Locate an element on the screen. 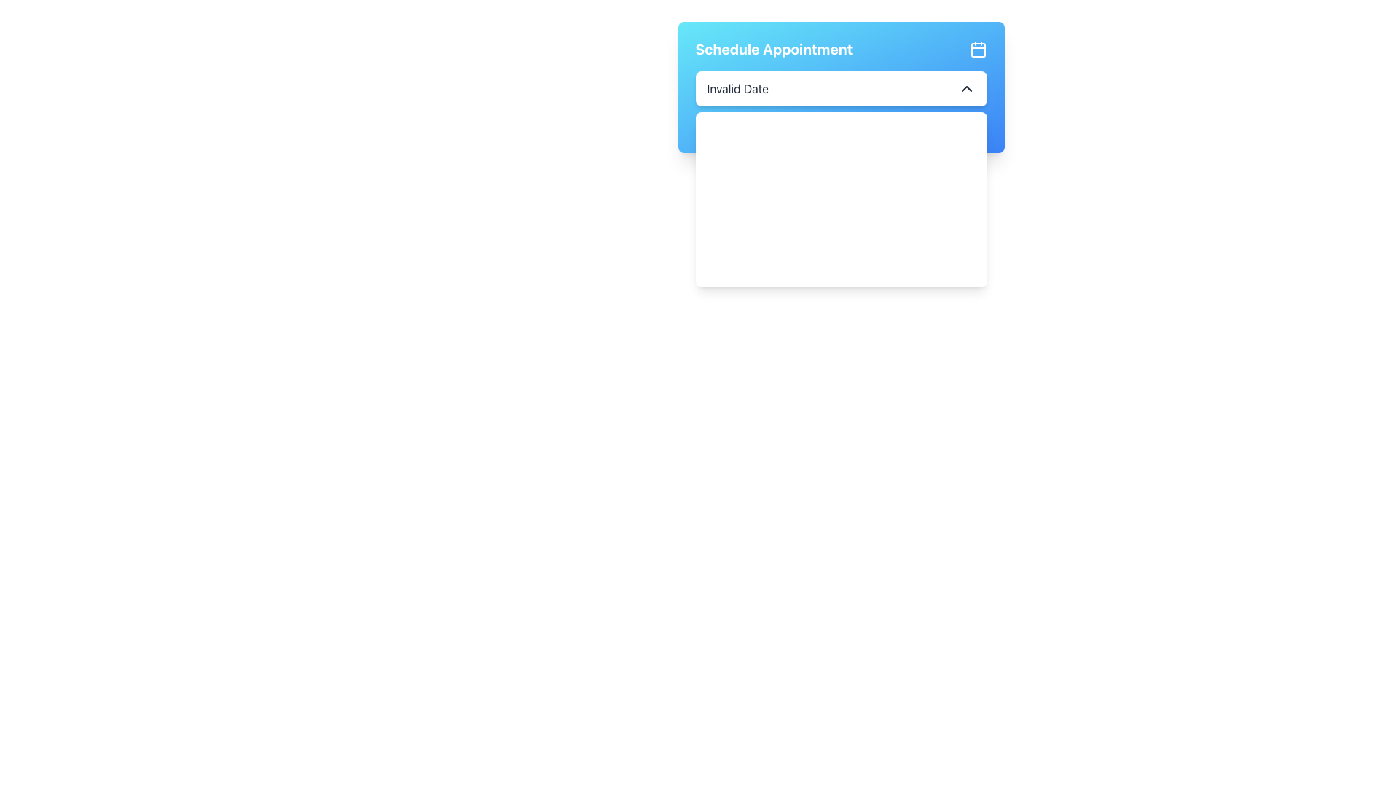 The image size is (1399, 787). the Dropdown menu labeled 'Invalid Date' by using the keyboard for selection is located at coordinates (841, 87).